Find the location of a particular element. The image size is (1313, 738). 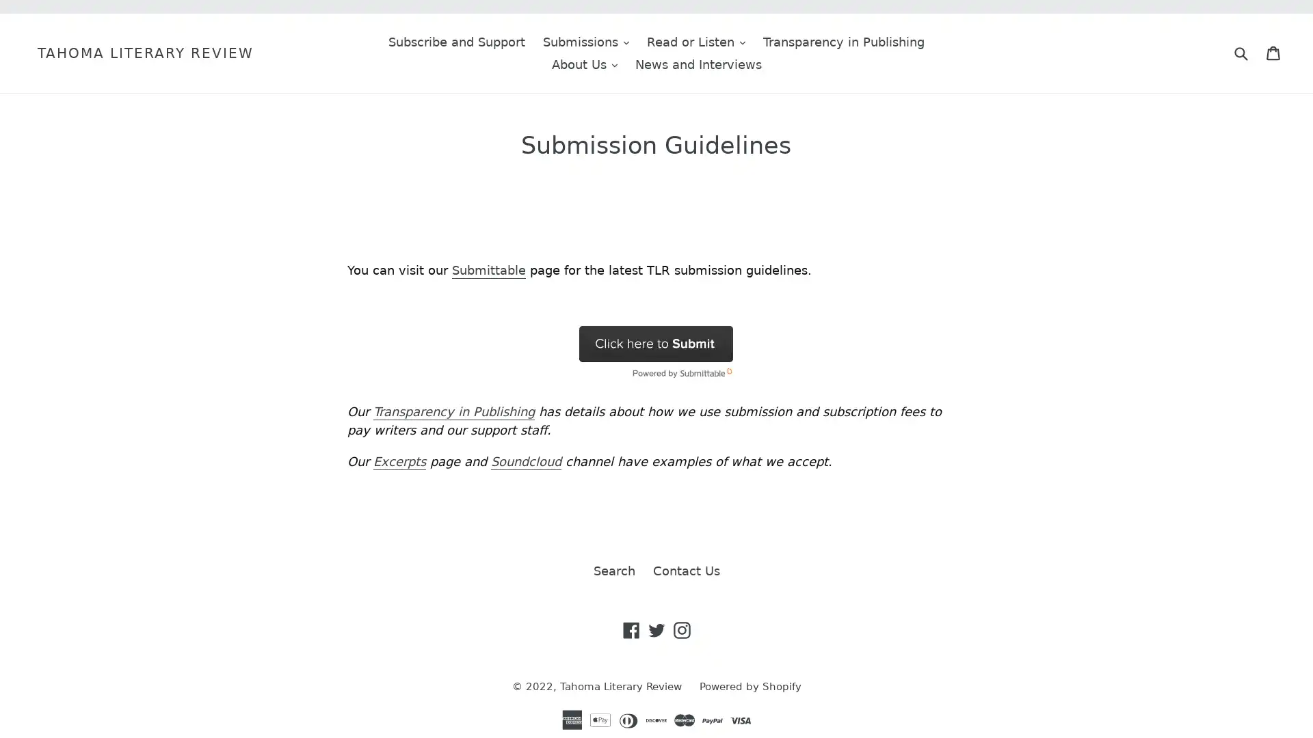

Submit is located at coordinates (1241, 52).